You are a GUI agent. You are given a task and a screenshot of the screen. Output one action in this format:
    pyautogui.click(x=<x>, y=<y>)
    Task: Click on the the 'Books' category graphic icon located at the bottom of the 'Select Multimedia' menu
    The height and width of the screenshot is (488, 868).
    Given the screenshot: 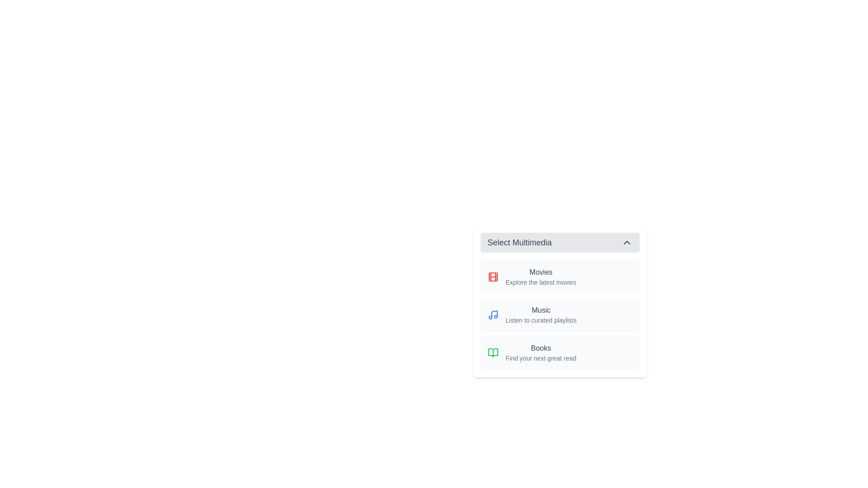 What is the action you would take?
    pyautogui.click(x=492, y=352)
    